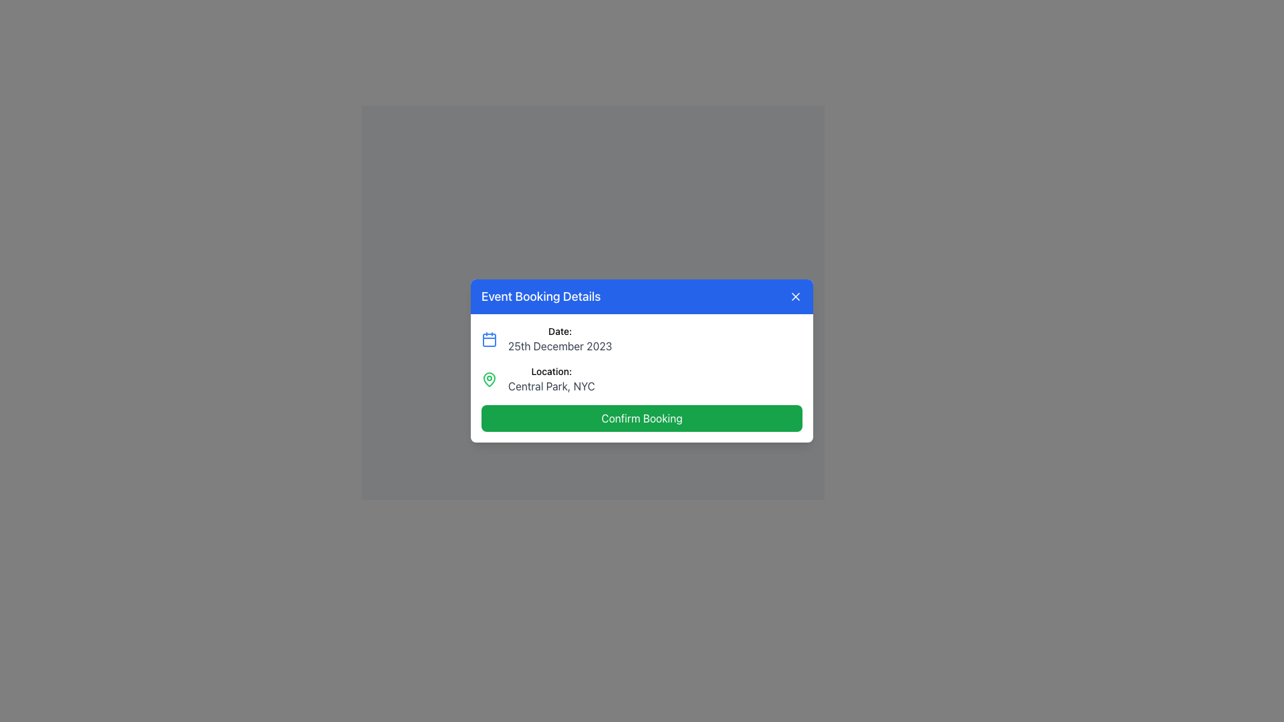  I want to click on the small diagonal cross icon ("X") in the top-right corner of the blue header titled "Event Booking Details", so click(796, 295).